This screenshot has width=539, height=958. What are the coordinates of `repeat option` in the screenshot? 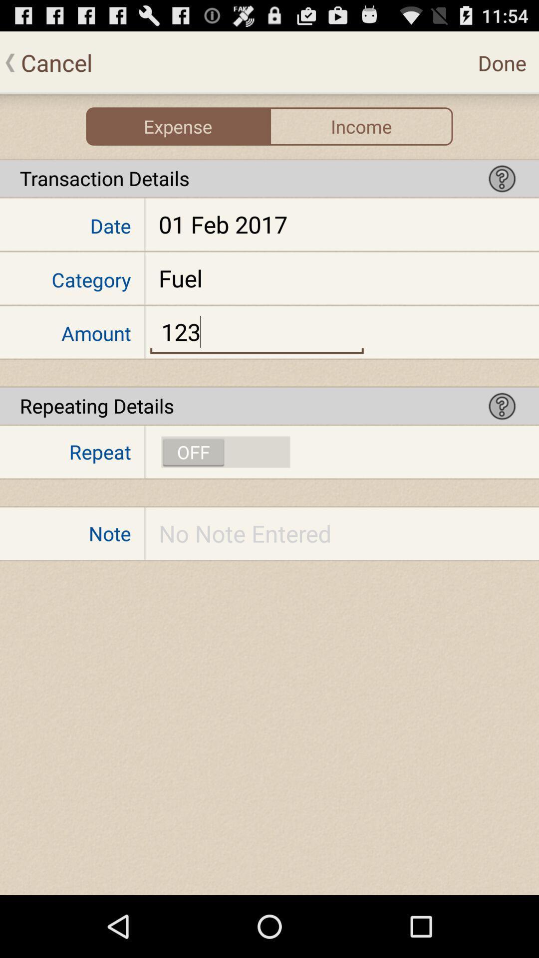 It's located at (226, 452).